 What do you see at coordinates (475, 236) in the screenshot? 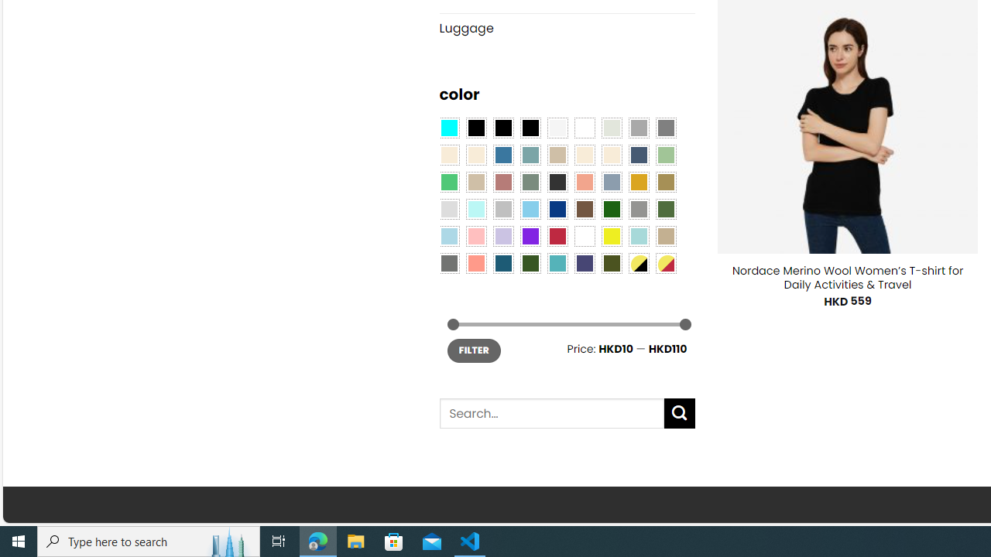
I see `'Pink'` at bounding box center [475, 236].